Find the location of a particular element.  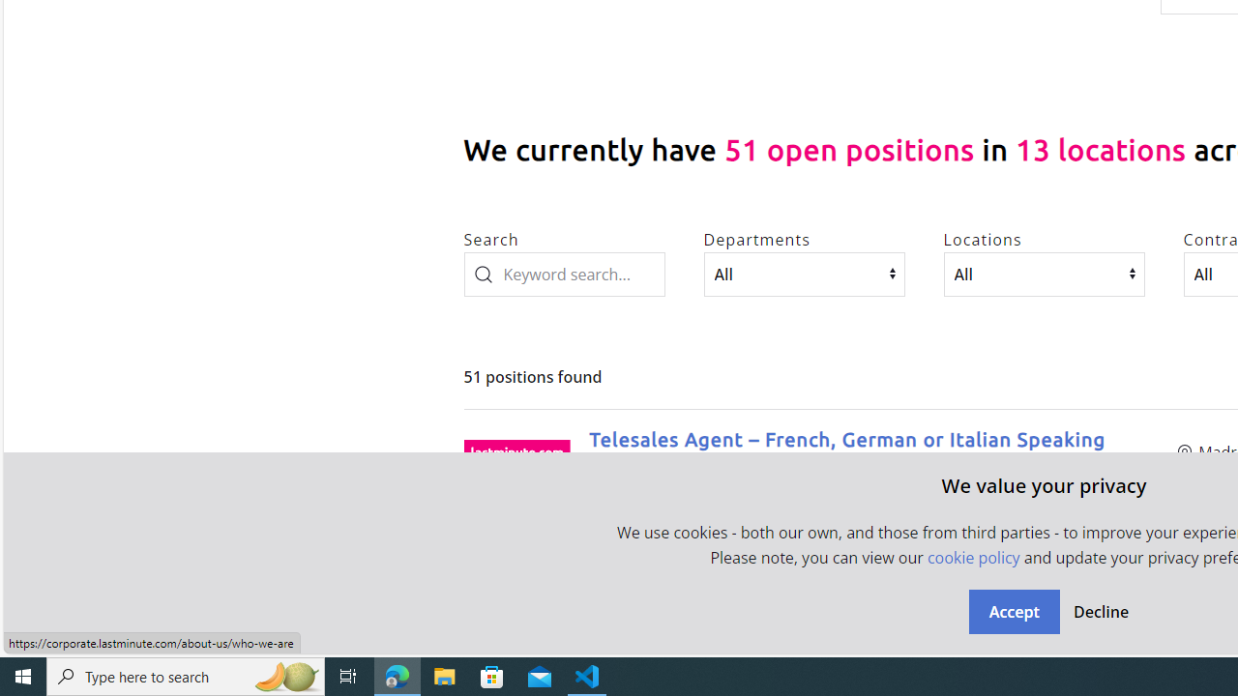

'Decline' is located at coordinates (1100, 611).